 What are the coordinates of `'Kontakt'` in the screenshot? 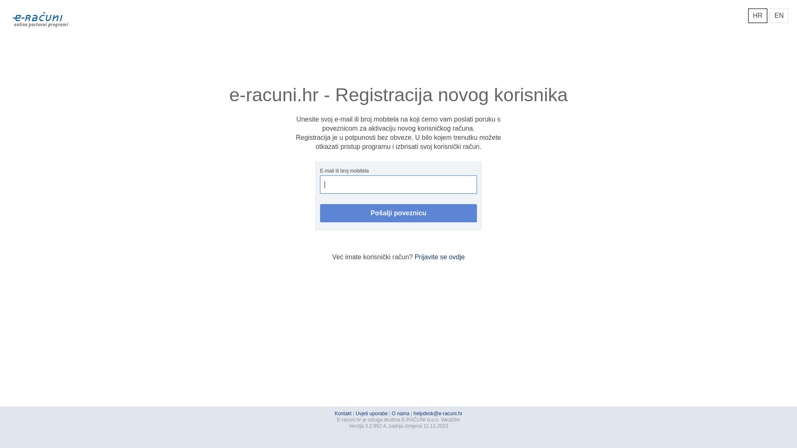 It's located at (343, 413).